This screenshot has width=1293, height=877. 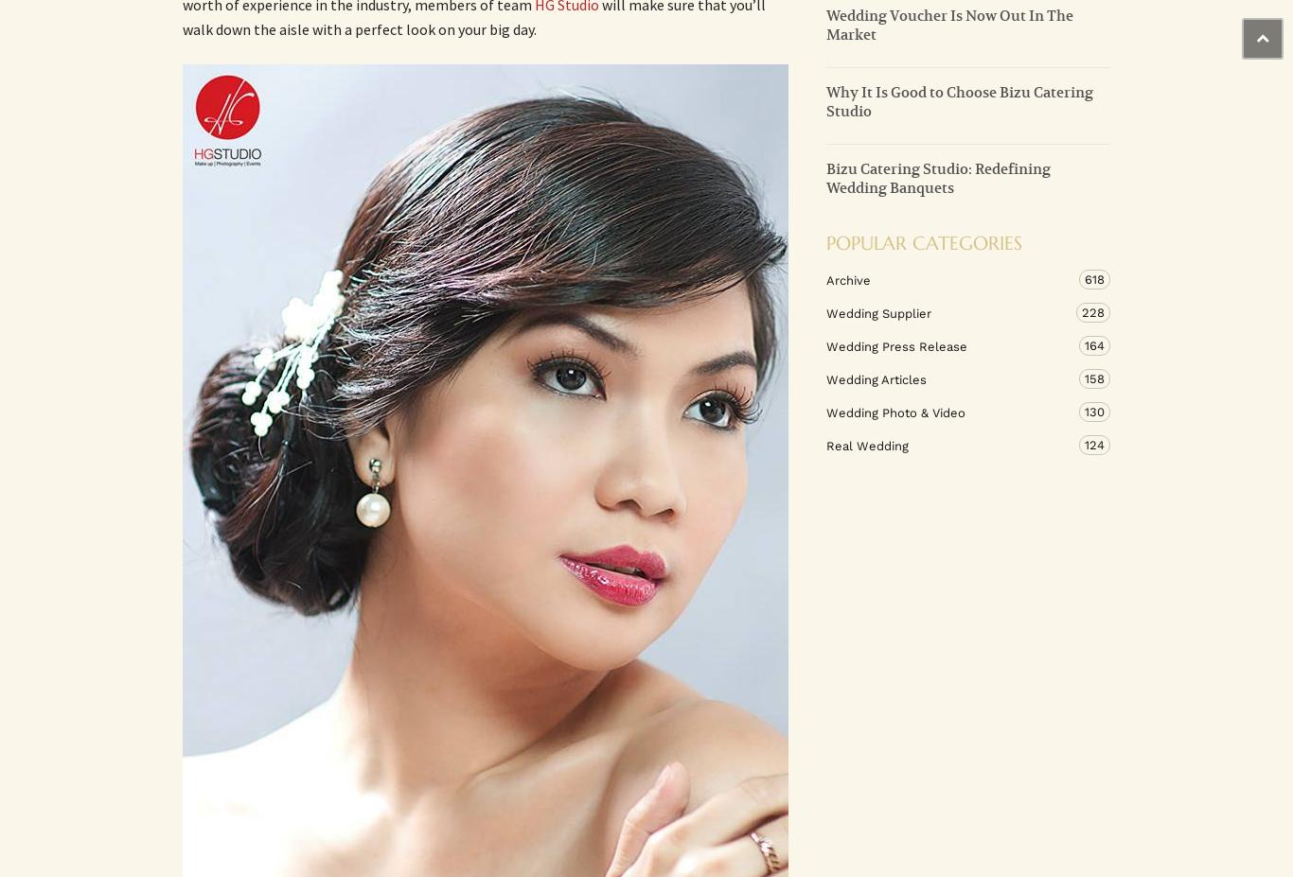 What do you see at coordinates (896, 344) in the screenshot?
I see `'Wedding Press Release'` at bounding box center [896, 344].